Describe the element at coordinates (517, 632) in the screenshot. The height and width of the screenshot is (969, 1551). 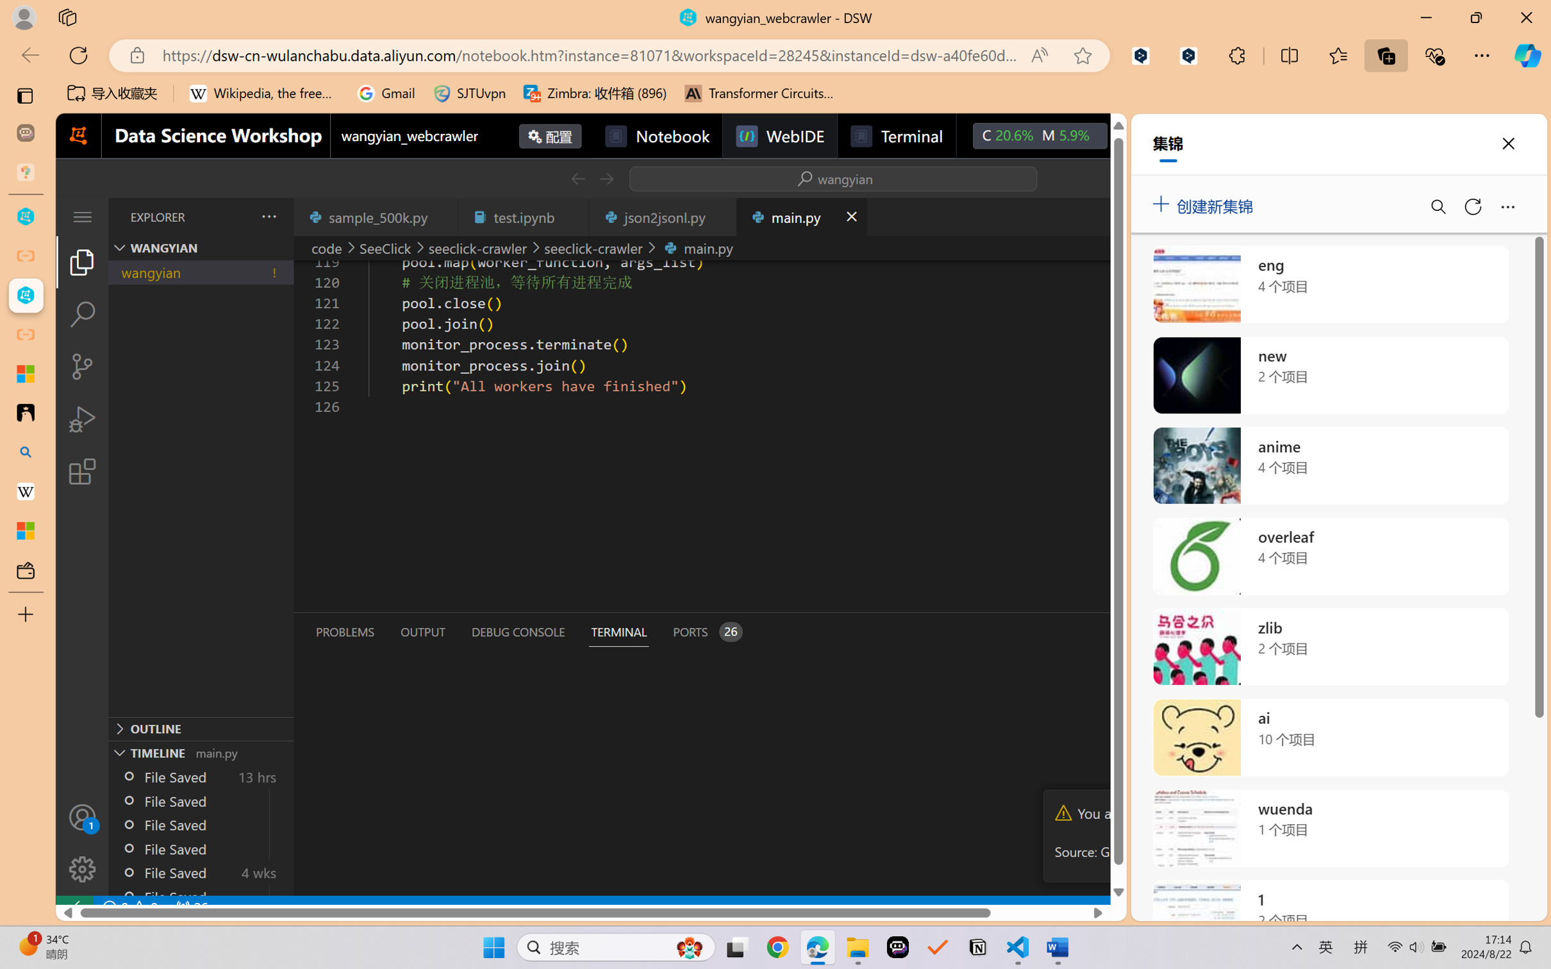
I see `'Debug Console (Ctrl+Shift+Y)'` at that location.